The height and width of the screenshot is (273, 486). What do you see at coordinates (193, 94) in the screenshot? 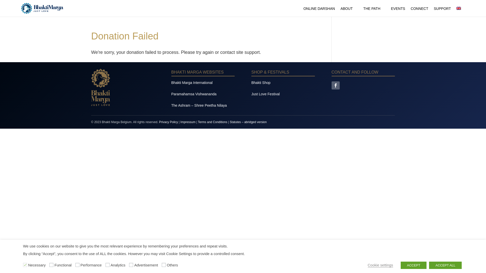
I see `'Paramahamsa Vishwananda'` at bounding box center [193, 94].